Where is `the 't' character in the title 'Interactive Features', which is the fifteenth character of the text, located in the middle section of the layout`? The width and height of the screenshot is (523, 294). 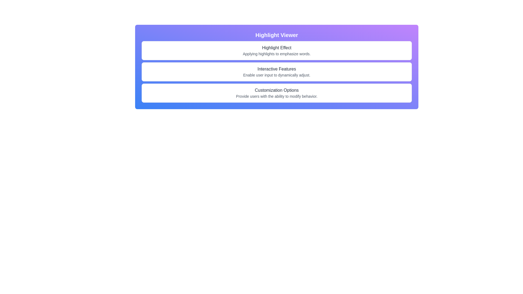
the 't' character in the title 'Interactive Features', which is the fifteenth character of the text, located in the middle section of the layout is located at coordinates (287, 69).